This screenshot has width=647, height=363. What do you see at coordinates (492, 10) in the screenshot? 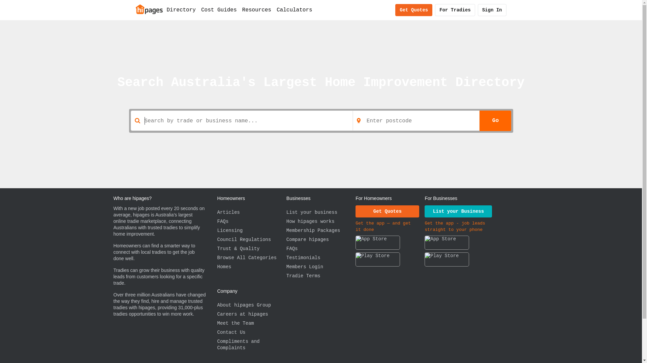
I see `'Sign In'` at bounding box center [492, 10].